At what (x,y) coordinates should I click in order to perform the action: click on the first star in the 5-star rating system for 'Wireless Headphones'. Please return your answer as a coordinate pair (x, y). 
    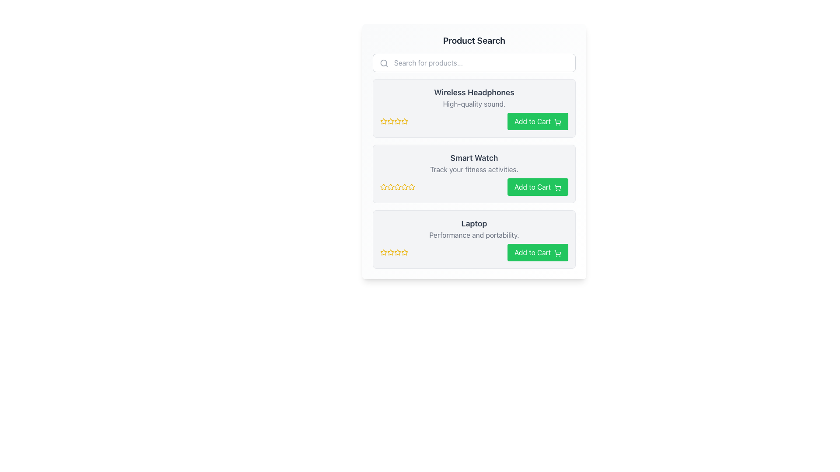
    Looking at the image, I should click on (384, 121).